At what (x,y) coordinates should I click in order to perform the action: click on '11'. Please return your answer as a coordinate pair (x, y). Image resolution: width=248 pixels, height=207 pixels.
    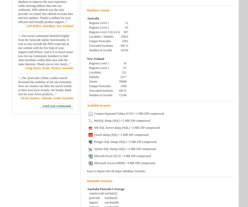
    Looking at the image, I should click on (126, 23).